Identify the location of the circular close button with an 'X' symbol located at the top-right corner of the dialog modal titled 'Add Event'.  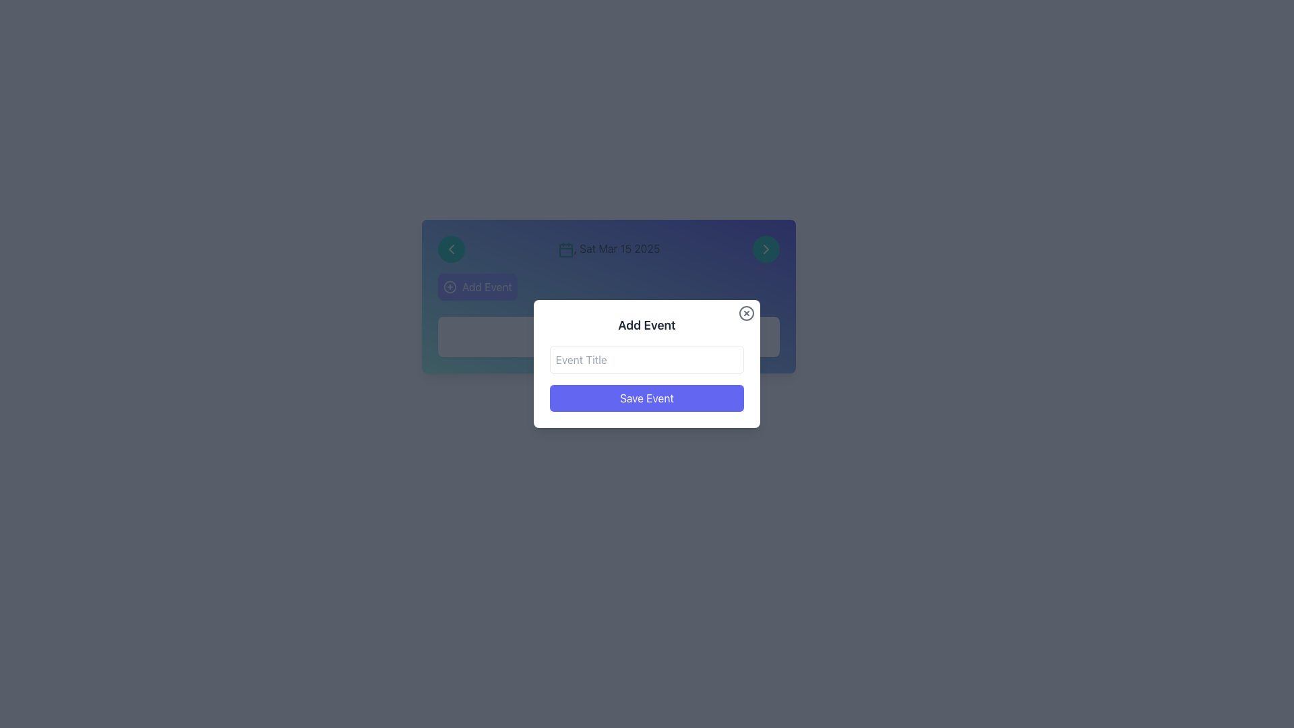
(746, 313).